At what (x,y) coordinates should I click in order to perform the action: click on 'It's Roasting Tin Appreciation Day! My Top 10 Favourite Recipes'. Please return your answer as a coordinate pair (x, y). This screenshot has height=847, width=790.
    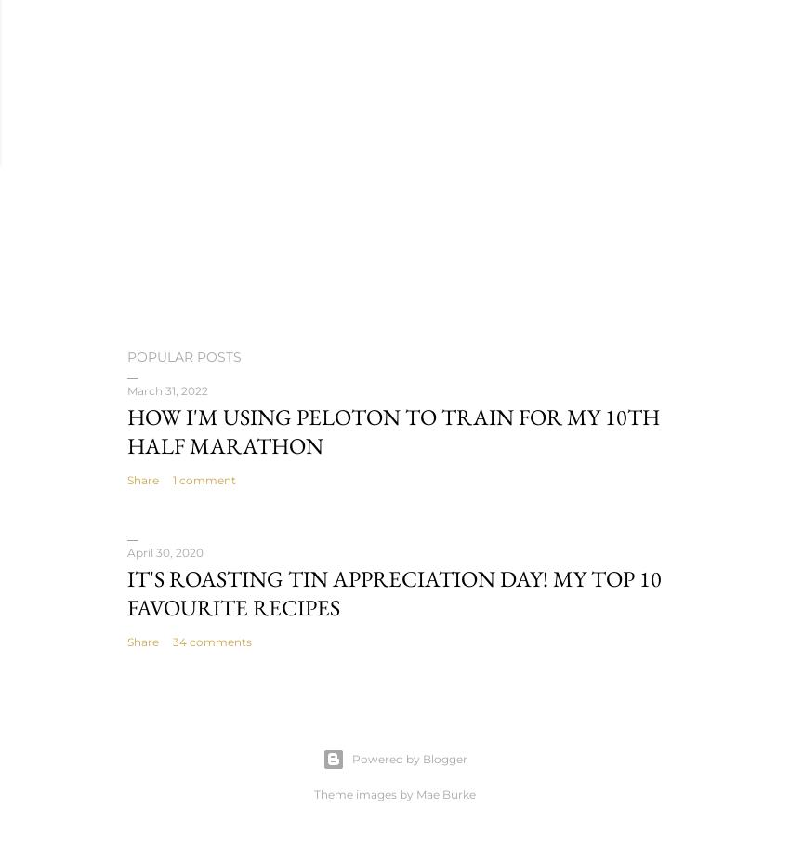
    Looking at the image, I should click on (394, 592).